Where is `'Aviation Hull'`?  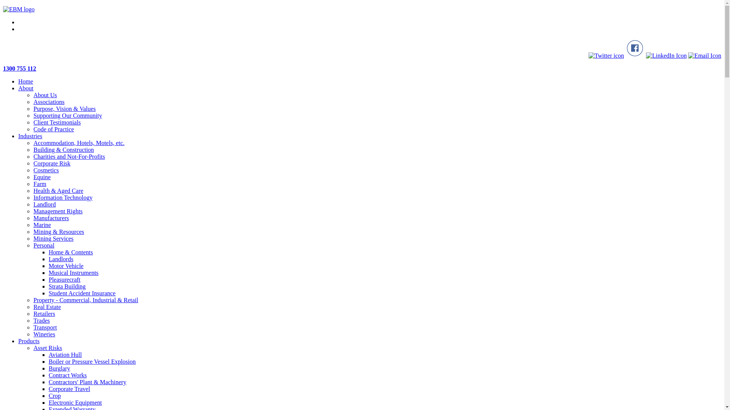
'Aviation Hull' is located at coordinates (65, 355).